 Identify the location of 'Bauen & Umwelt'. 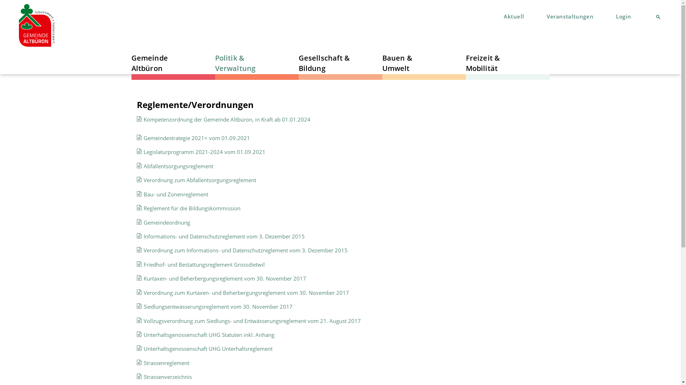
(411, 62).